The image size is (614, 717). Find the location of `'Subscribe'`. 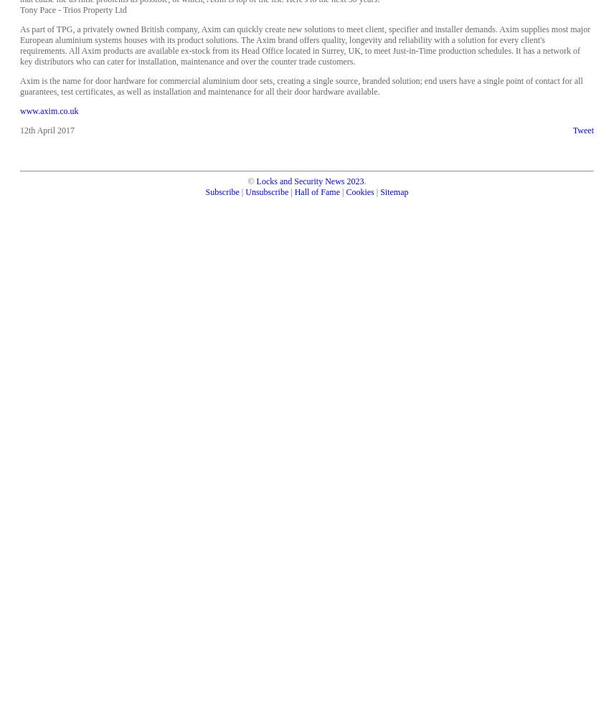

'Subscribe' is located at coordinates (222, 192).